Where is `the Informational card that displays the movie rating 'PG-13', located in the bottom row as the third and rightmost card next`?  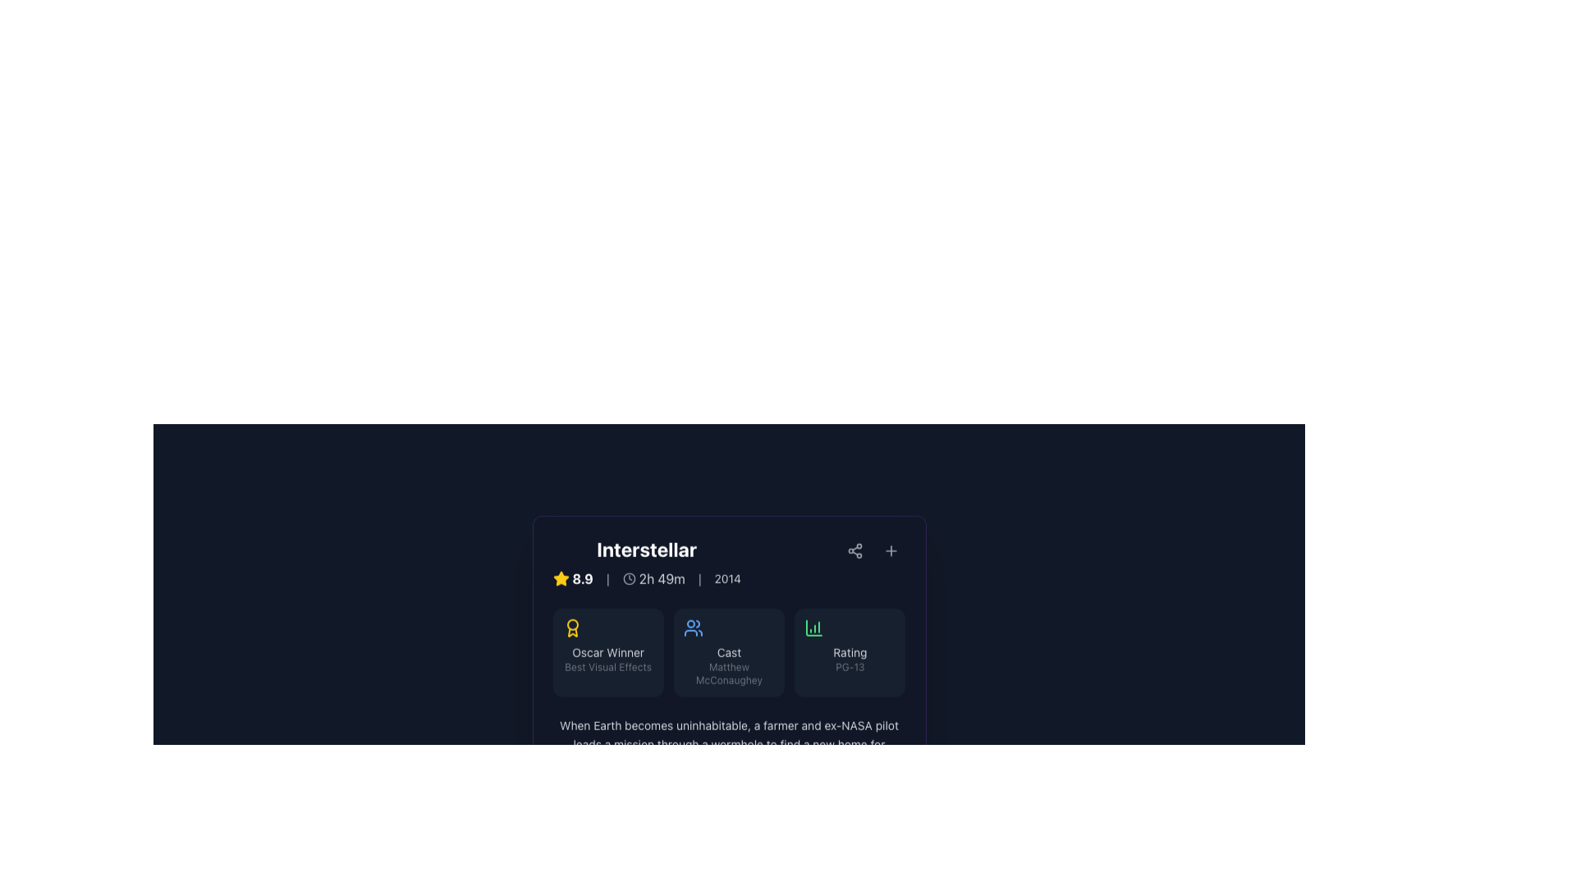
the Informational card that displays the movie rating 'PG-13', located in the bottom row as the third and rightmost card next is located at coordinates (850, 651).